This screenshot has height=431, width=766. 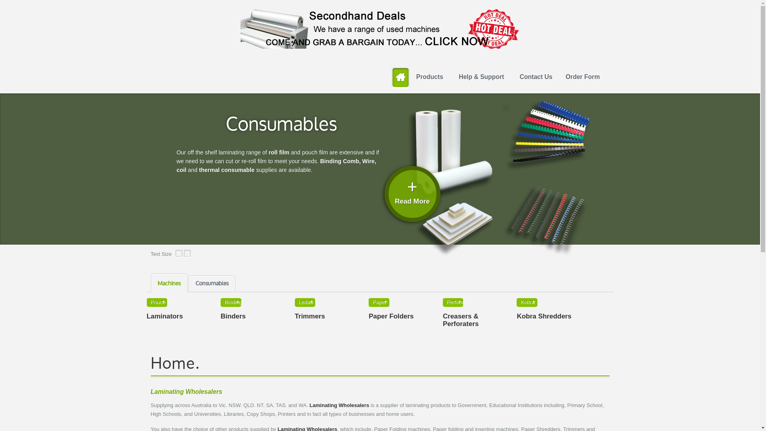 I want to click on 'Increase Text Size', so click(x=187, y=255).